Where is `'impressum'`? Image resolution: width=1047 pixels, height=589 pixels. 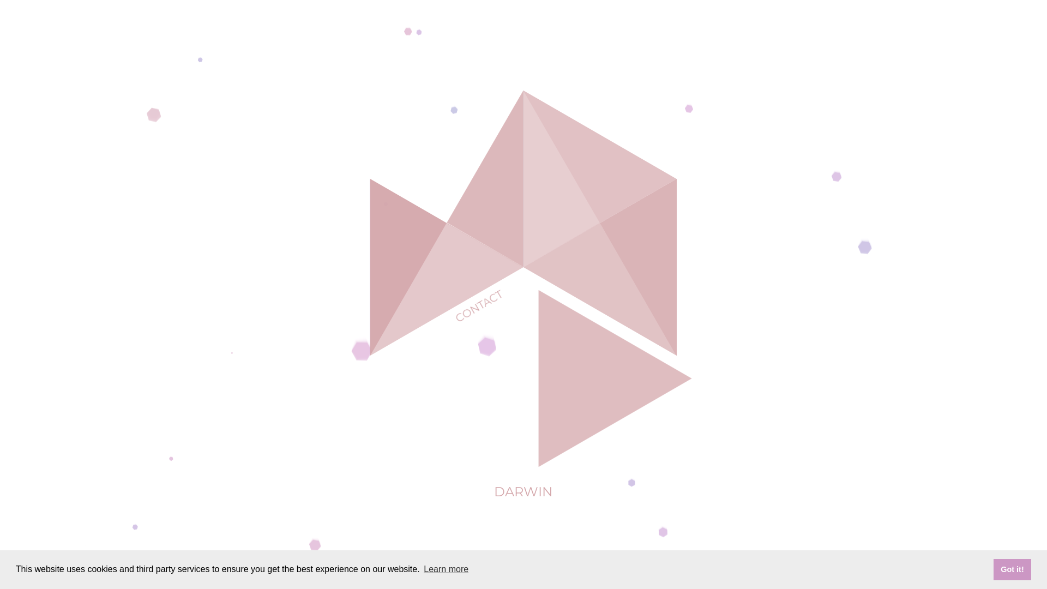 'impressum' is located at coordinates (470, 576).